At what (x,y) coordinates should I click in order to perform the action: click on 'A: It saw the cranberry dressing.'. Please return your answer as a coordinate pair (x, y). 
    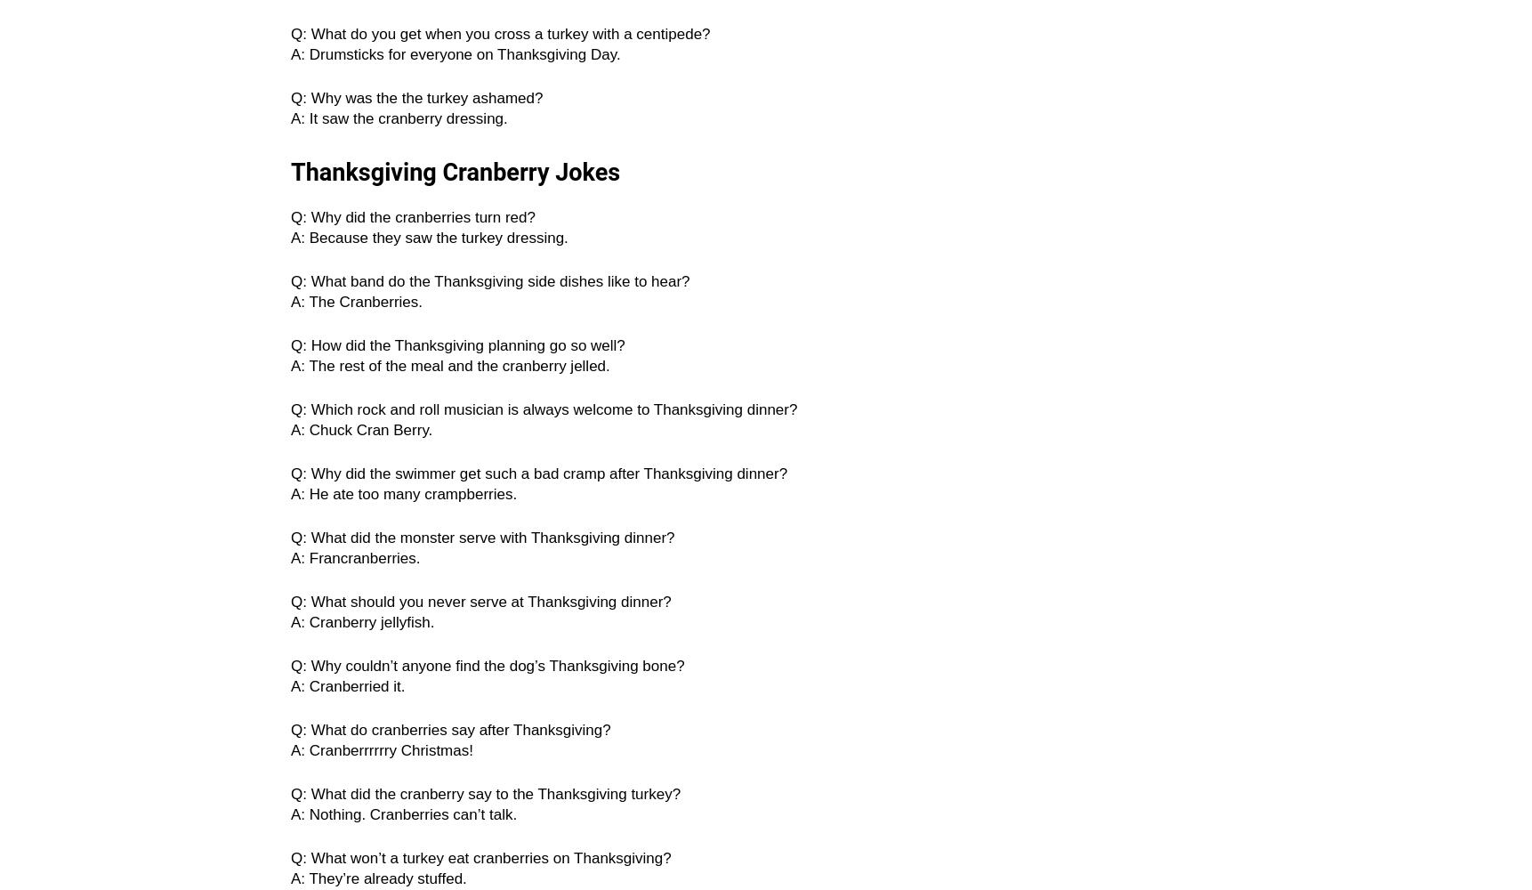
    Looking at the image, I should click on (398, 118).